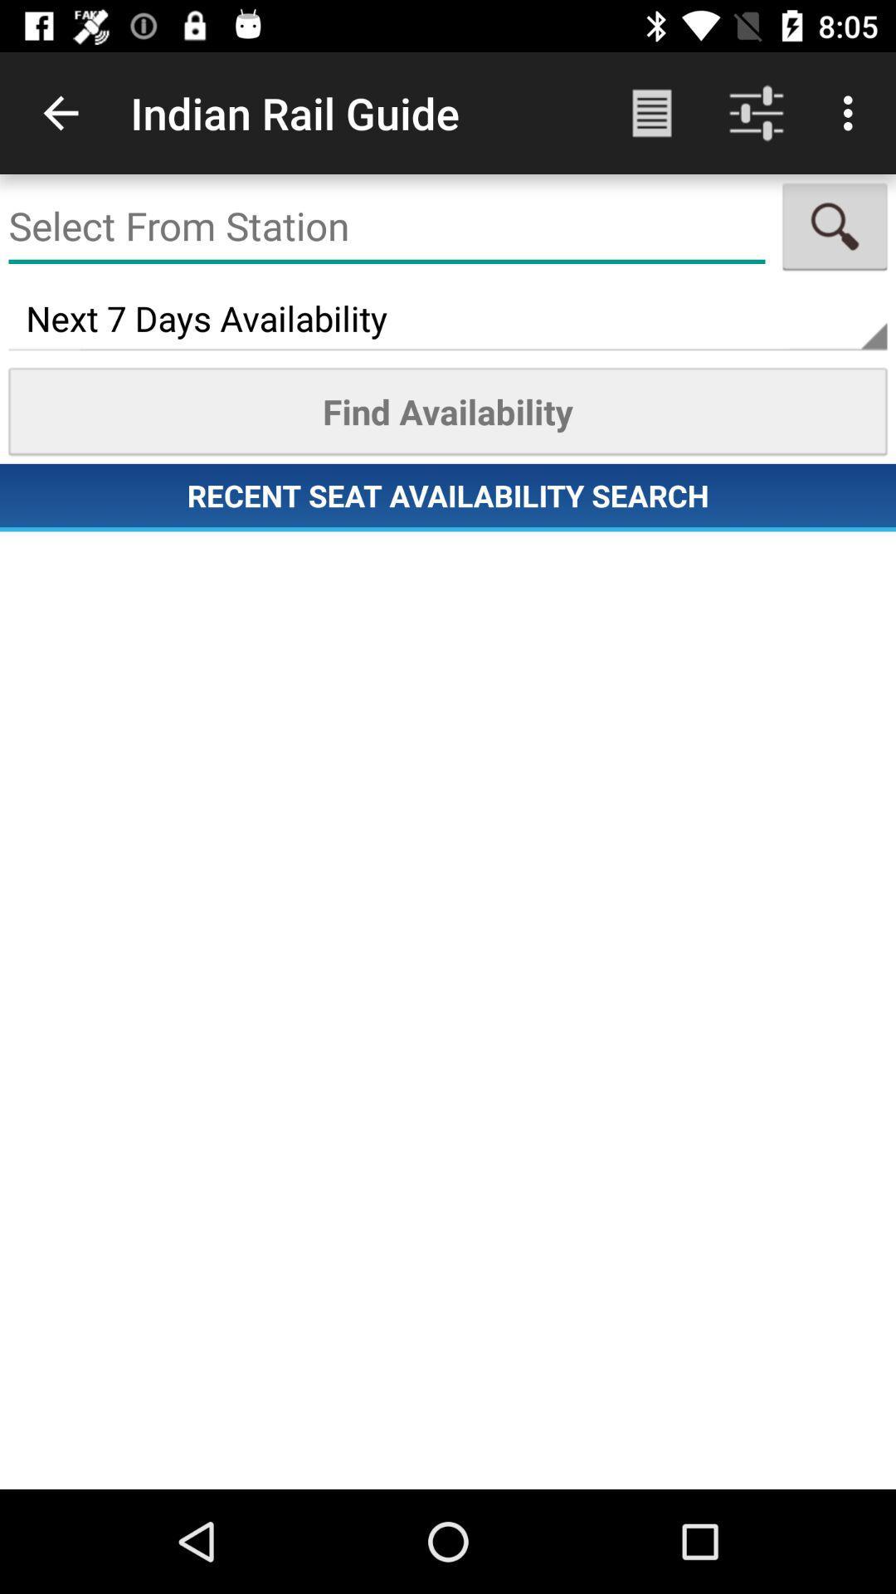 The height and width of the screenshot is (1594, 896). What do you see at coordinates (387, 226) in the screenshot?
I see `search station` at bounding box center [387, 226].